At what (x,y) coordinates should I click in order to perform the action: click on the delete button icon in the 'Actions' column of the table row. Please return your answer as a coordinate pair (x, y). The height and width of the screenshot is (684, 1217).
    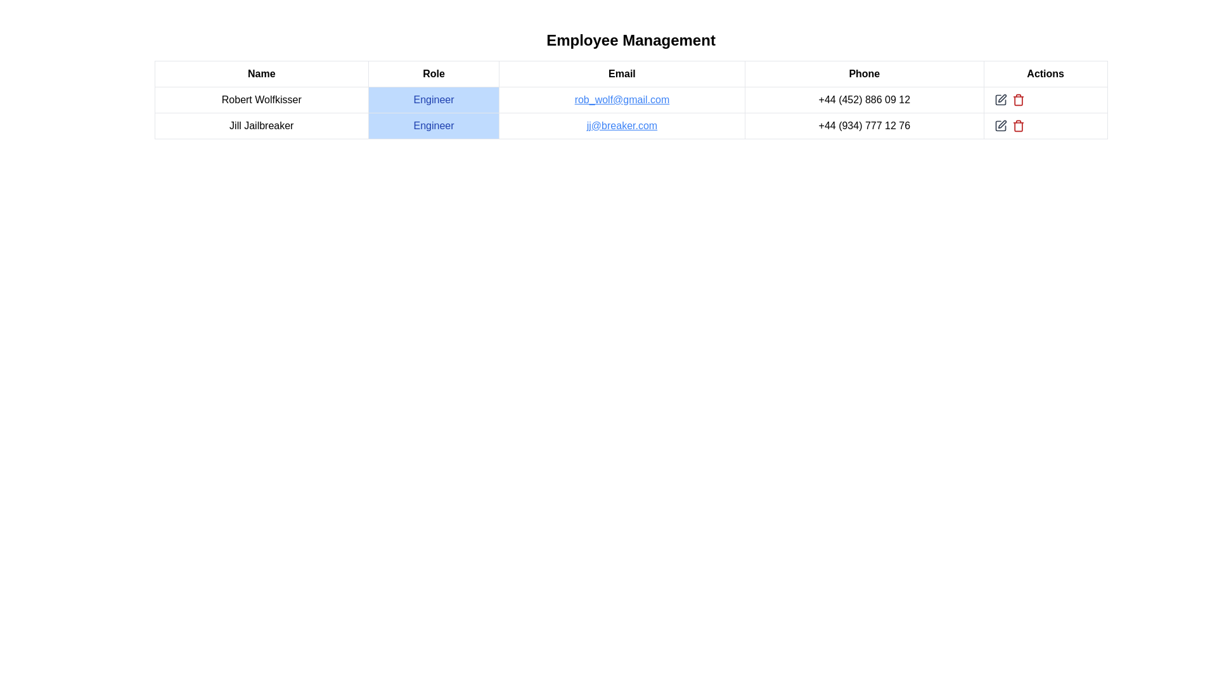
    Looking at the image, I should click on (1018, 126).